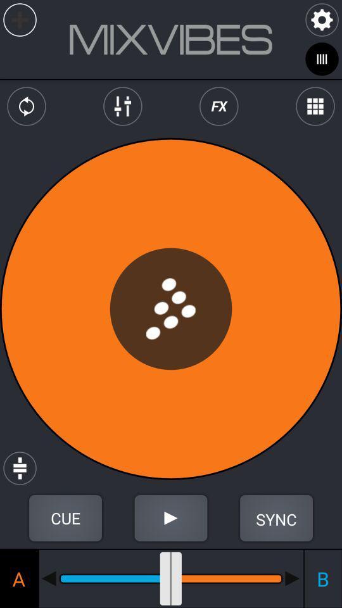 Image resolution: width=342 pixels, height=608 pixels. What do you see at coordinates (314, 106) in the screenshot?
I see `more options` at bounding box center [314, 106].